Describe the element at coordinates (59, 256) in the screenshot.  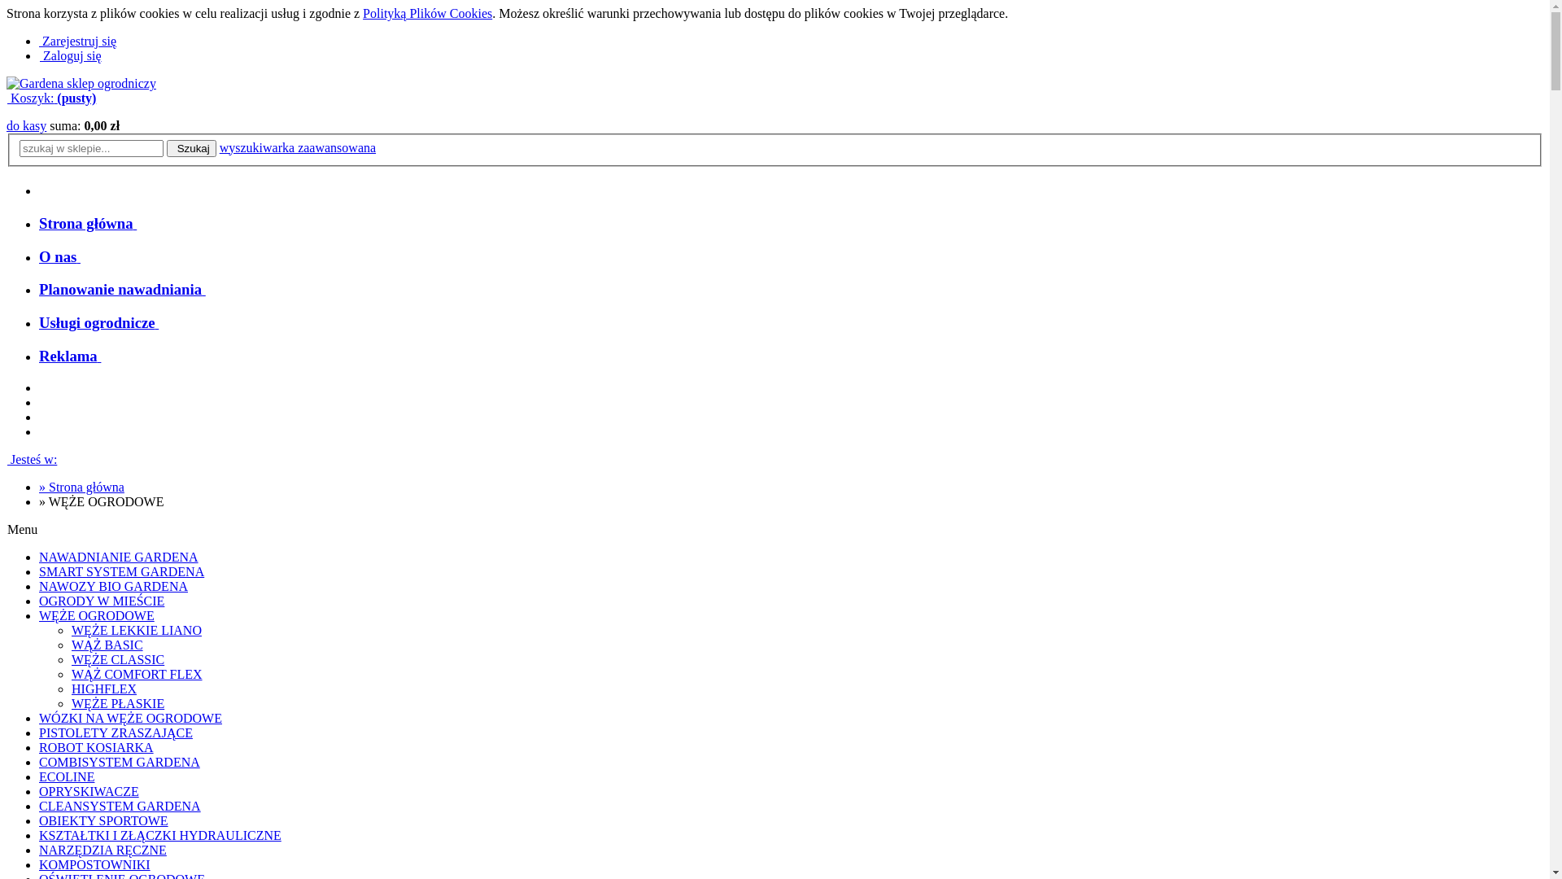
I see `'O nas'` at that location.